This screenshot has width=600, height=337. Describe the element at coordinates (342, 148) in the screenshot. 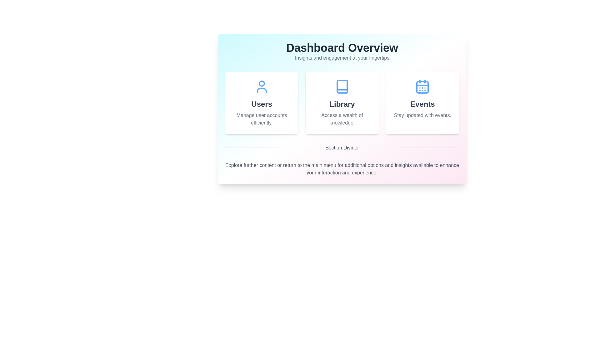

I see `the Text label element that serves as a visual and textual separator, which is centrally aligned and located below the main content section` at that location.